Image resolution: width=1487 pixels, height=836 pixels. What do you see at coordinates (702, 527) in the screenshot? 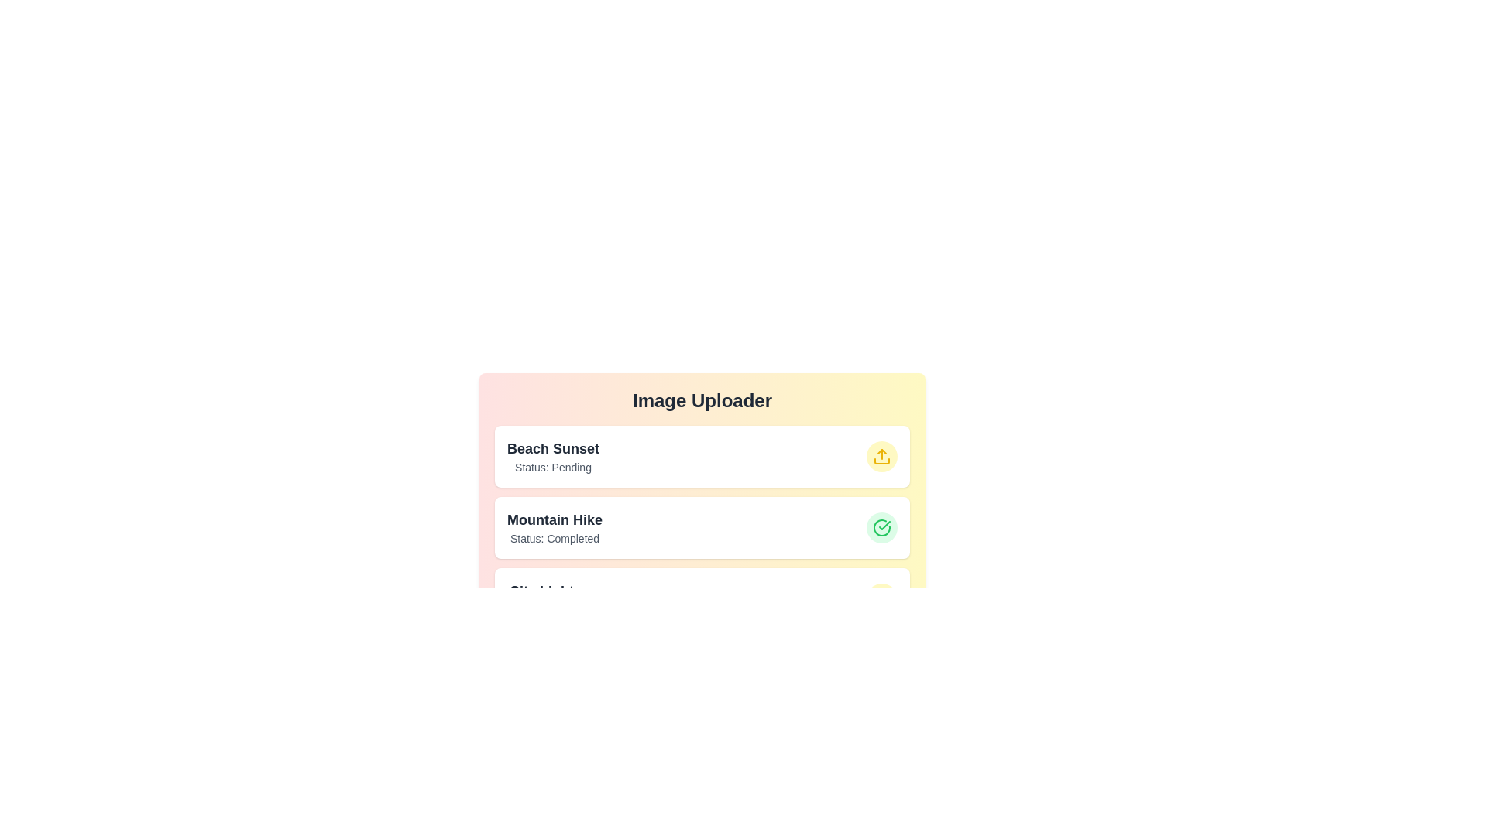
I see `the image item corresponding to Mountain Hike to view its details` at bounding box center [702, 527].